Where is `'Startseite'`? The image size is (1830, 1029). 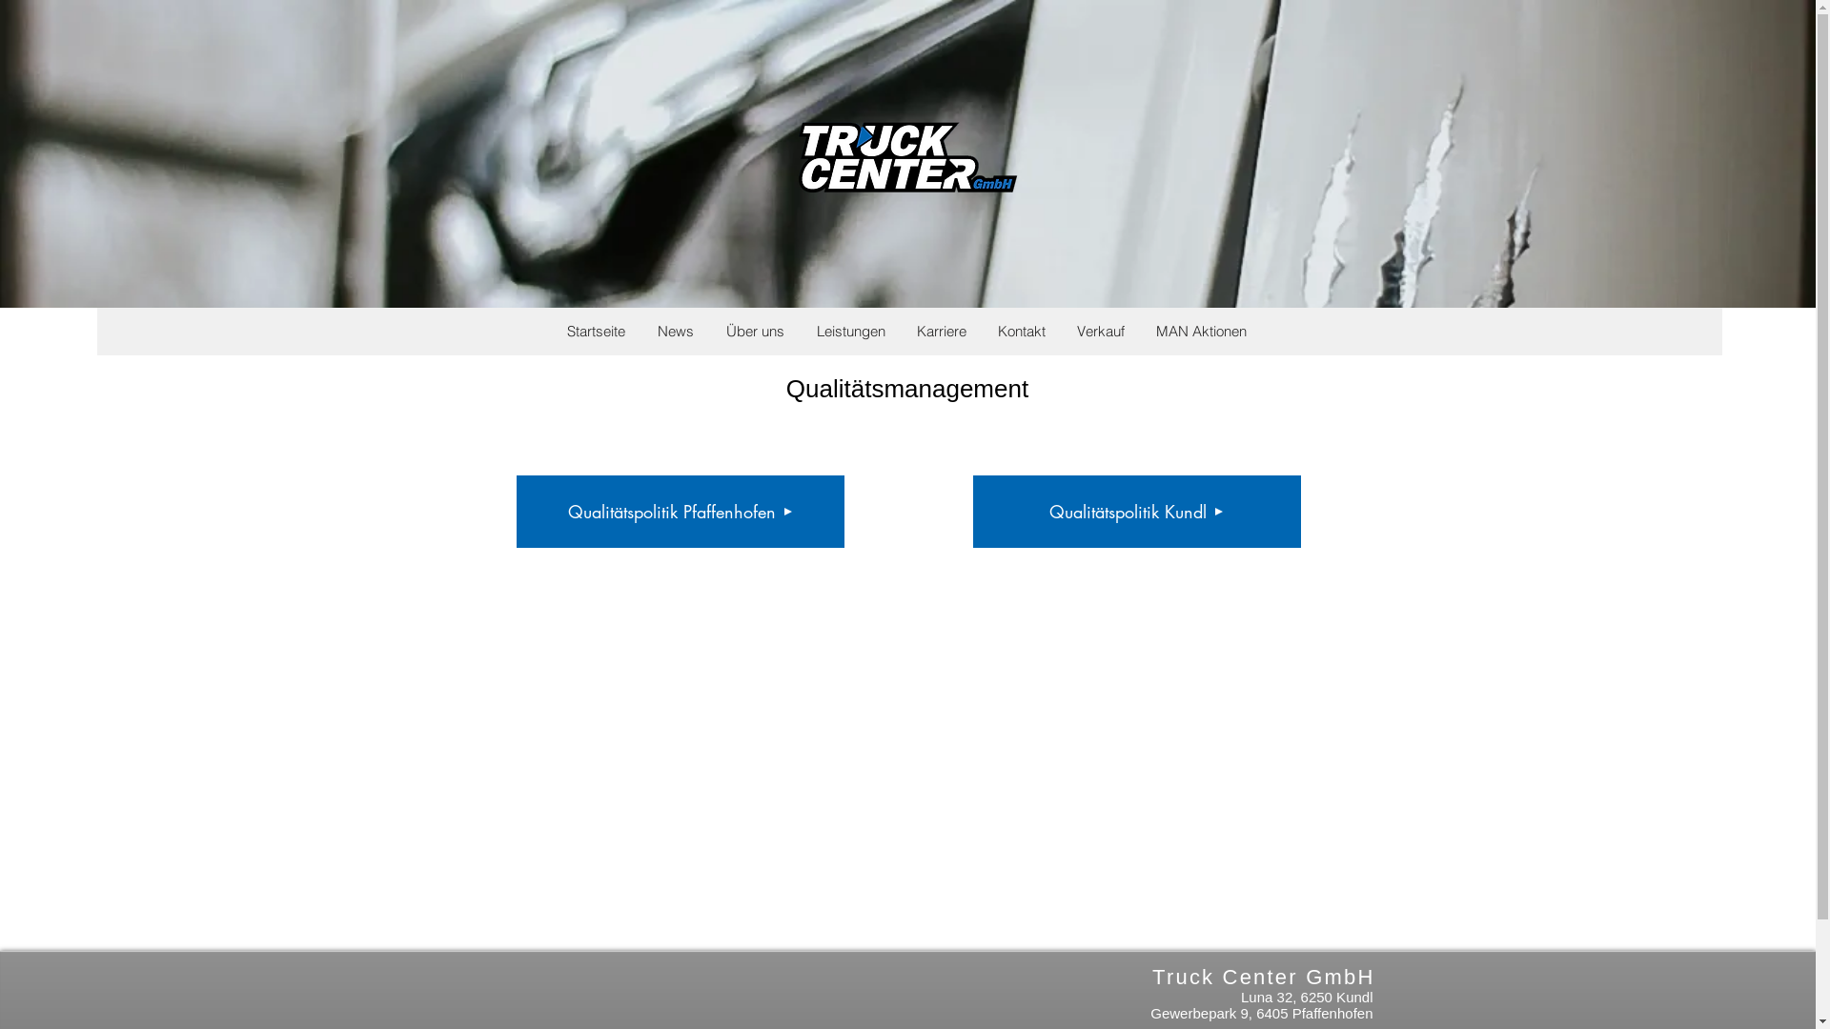 'Startseite' is located at coordinates (549, 330).